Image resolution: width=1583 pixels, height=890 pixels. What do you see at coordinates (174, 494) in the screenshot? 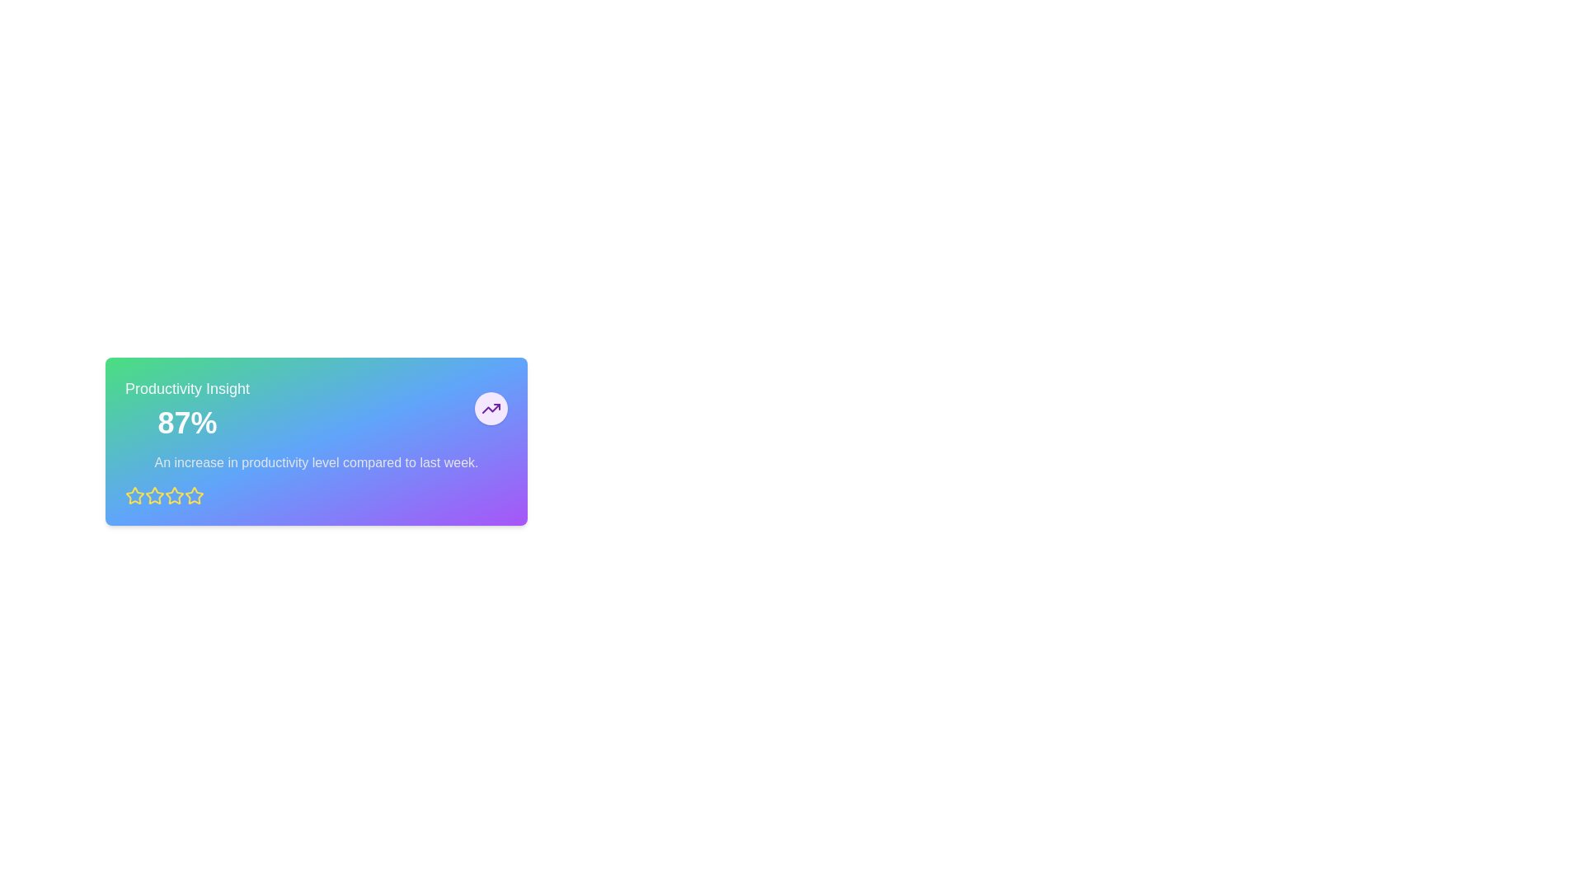
I see `the second hollow star icon with a gold outline in the rating component located in the bottom-left corner of the card` at bounding box center [174, 494].